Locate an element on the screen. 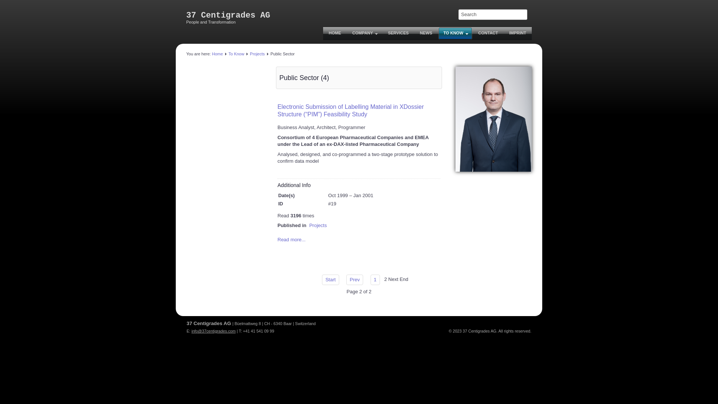  '1' is located at coordinates (375, 280).